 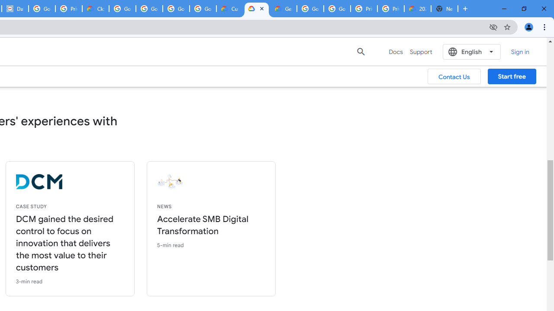 What do you see at coordinates (444, 9) in the screenshot?
I see `'New Tab'` at bounding box center [444, 9].